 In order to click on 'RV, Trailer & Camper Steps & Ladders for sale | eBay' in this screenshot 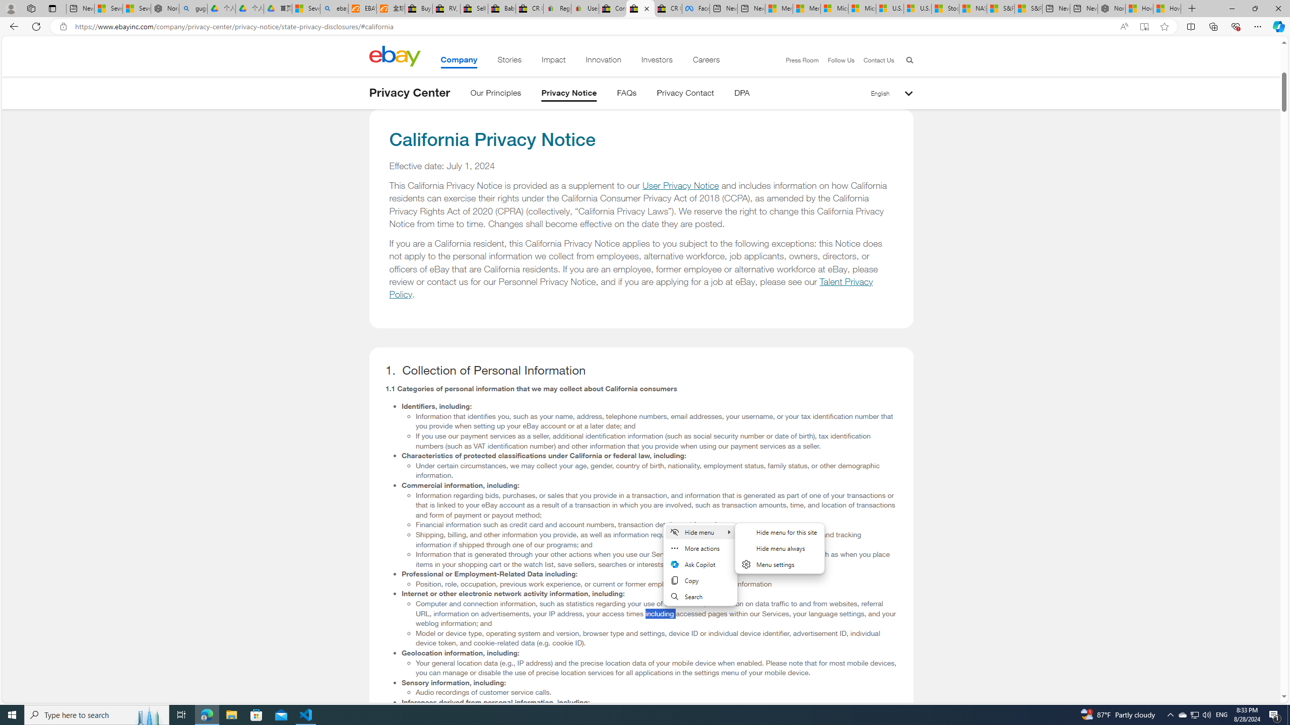, I will do `click(445, 8)`.